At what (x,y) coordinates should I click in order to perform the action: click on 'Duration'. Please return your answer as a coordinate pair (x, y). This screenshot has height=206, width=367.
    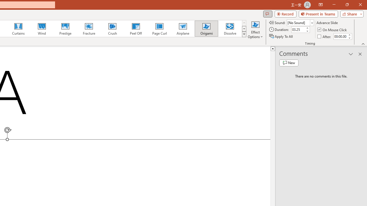
    Looking at the image, I should click on (298, 29).